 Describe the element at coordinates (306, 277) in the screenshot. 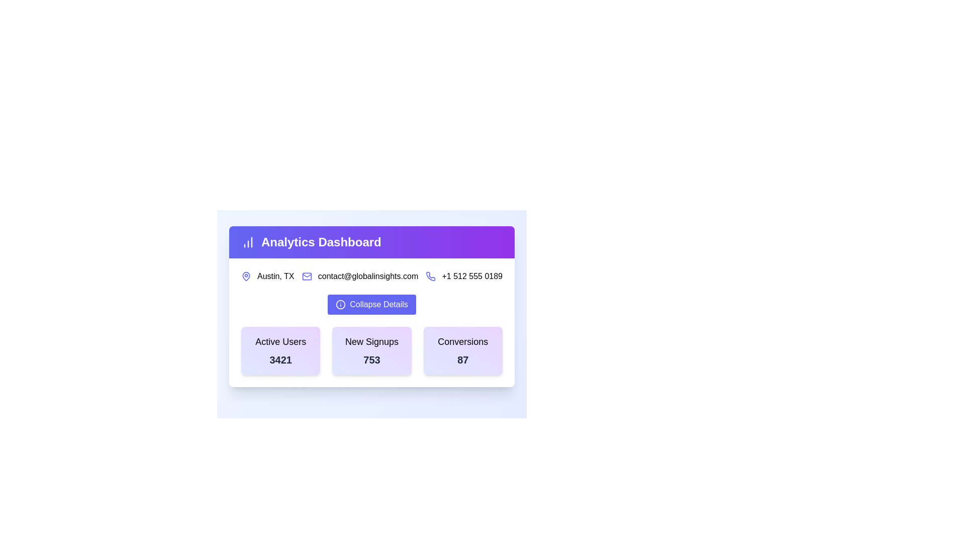

I see `the mail icon, which is an indigo envelope shape located immediately to the left of the contact information 'contact@globalinsights.com'` at that location.